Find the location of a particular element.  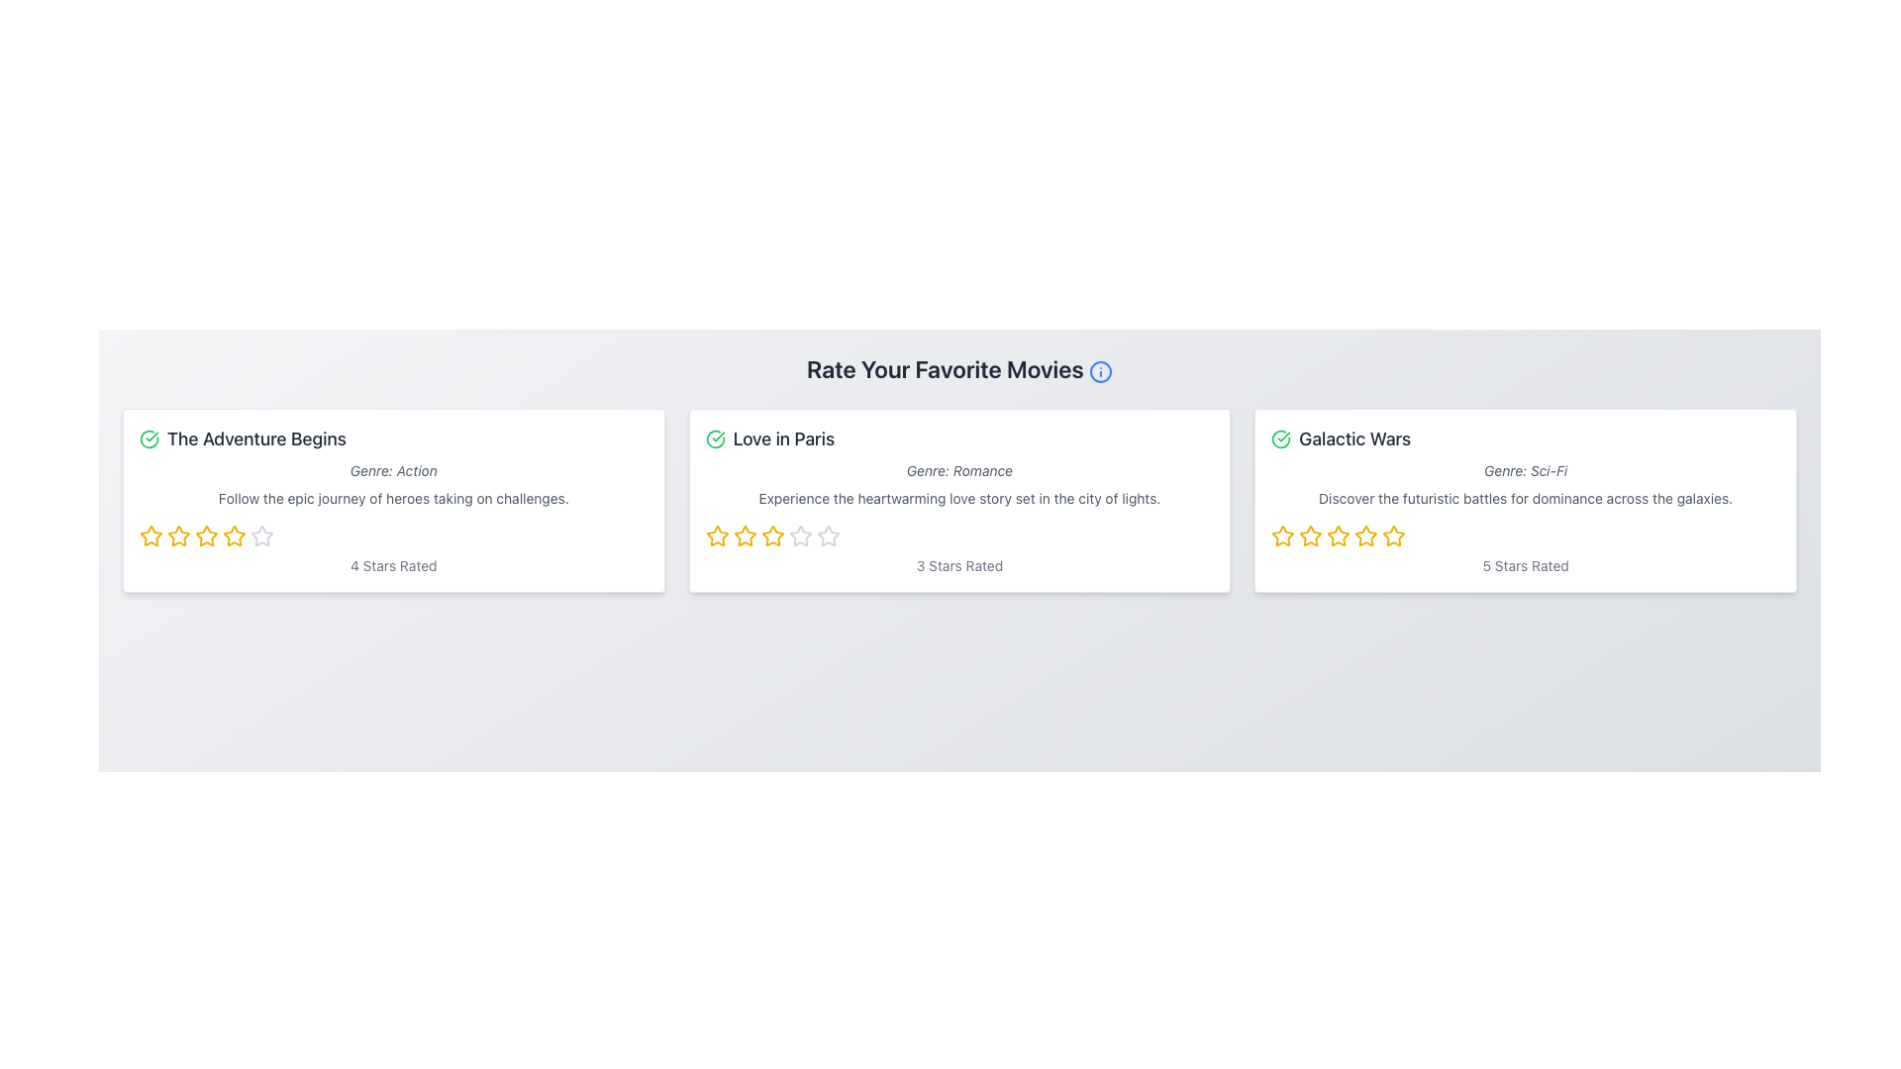

the second yellow star icon in the rating section of the 'Galactic Wars' card is located at coordinates (1311, 535).